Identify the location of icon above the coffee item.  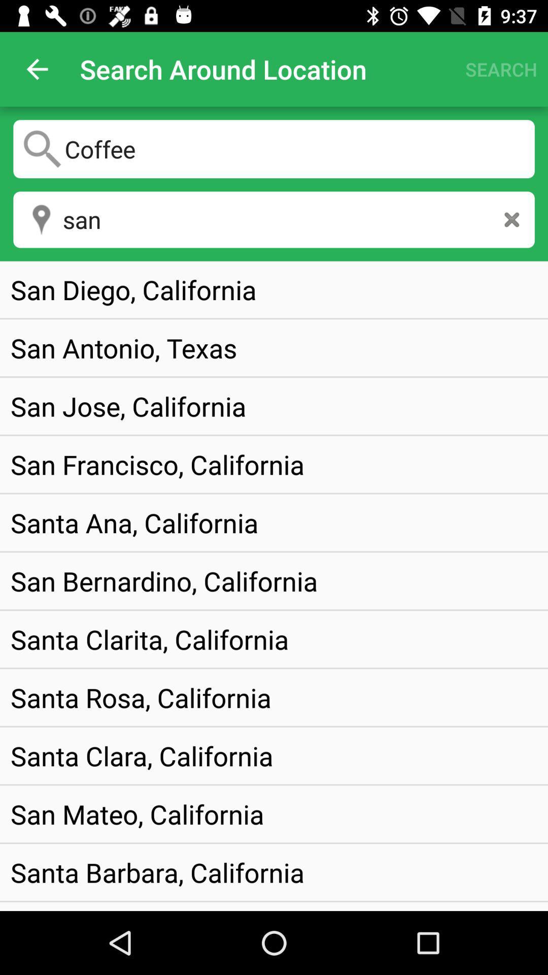
(37, 69).